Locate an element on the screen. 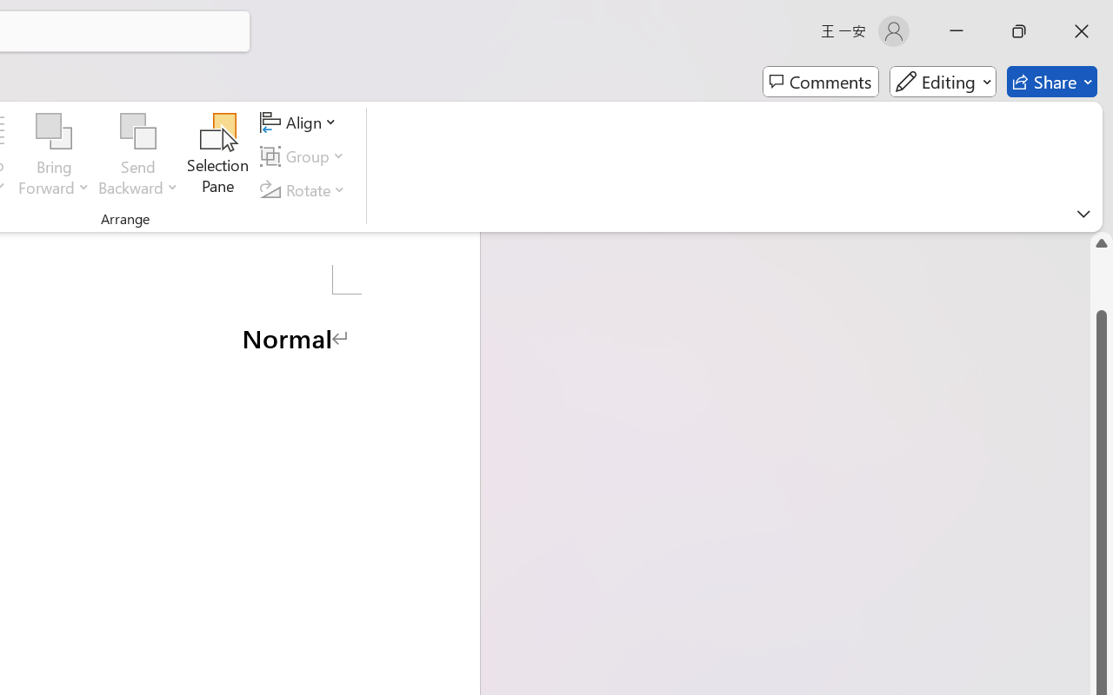  'Send Backward' is located at coordinates (137, 131).